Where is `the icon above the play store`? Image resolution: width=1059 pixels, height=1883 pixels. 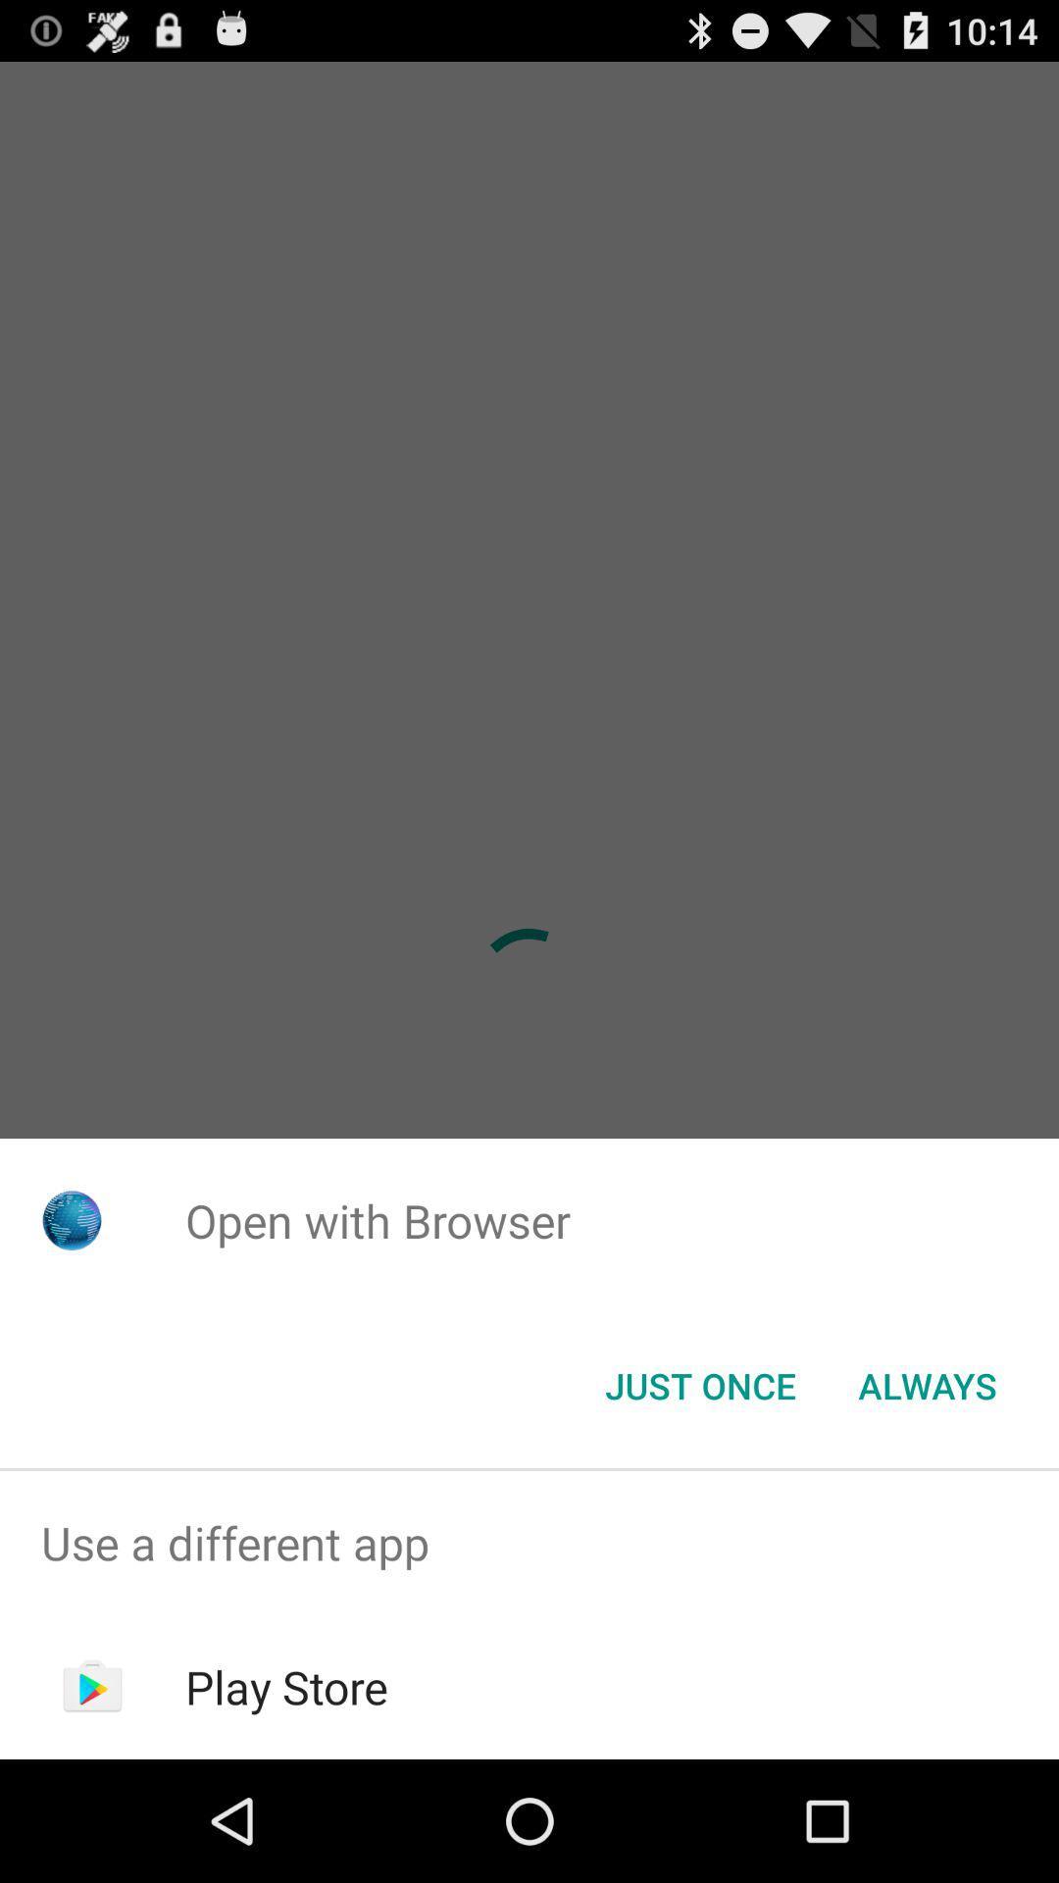 the icon above the play store is located at coordinates (529, 1542).